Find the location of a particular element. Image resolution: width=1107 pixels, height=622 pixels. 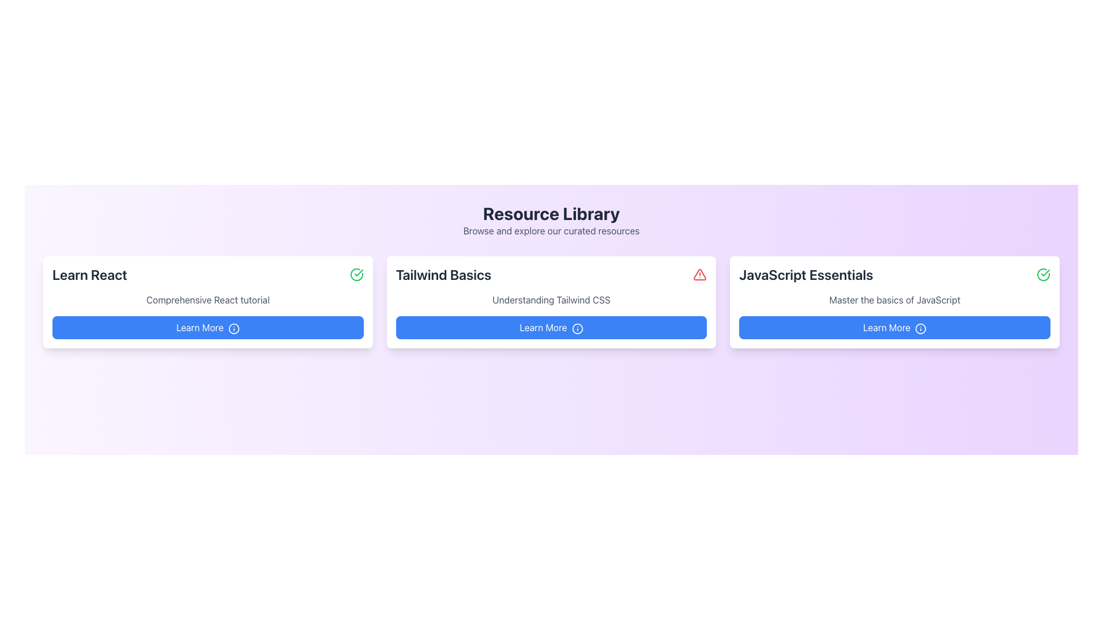

the static text displaying 'Comprehensive React tutorial', which is located below the 'Learn React' header and above the 'Learn More' button is located at coordinates (208, 299).